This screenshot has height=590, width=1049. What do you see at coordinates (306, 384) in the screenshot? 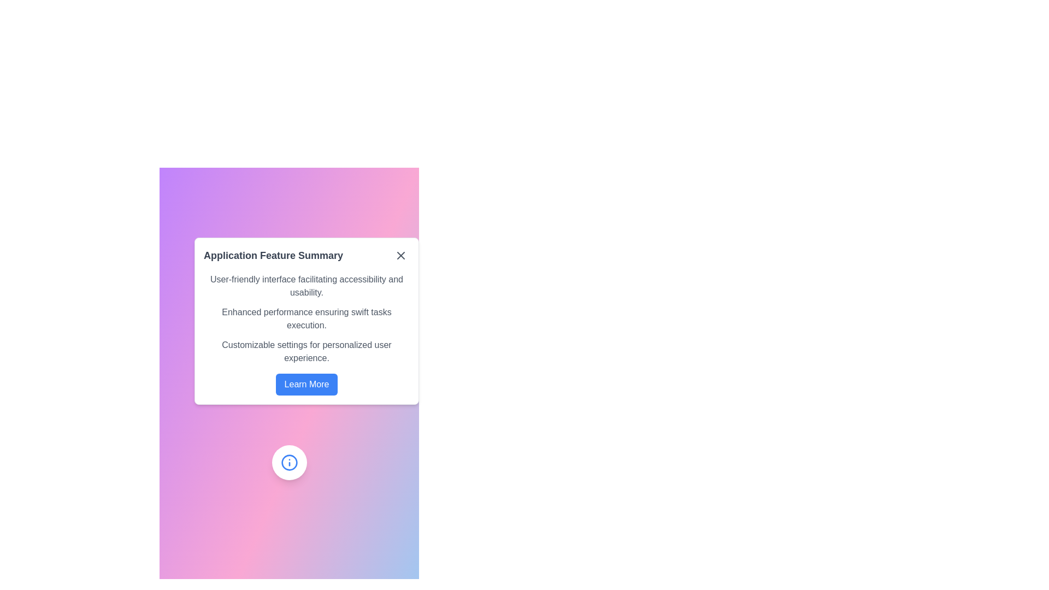
I see `the call-to-action button located centrally below the text description inside the modal box` at bounding box center [306, 384].